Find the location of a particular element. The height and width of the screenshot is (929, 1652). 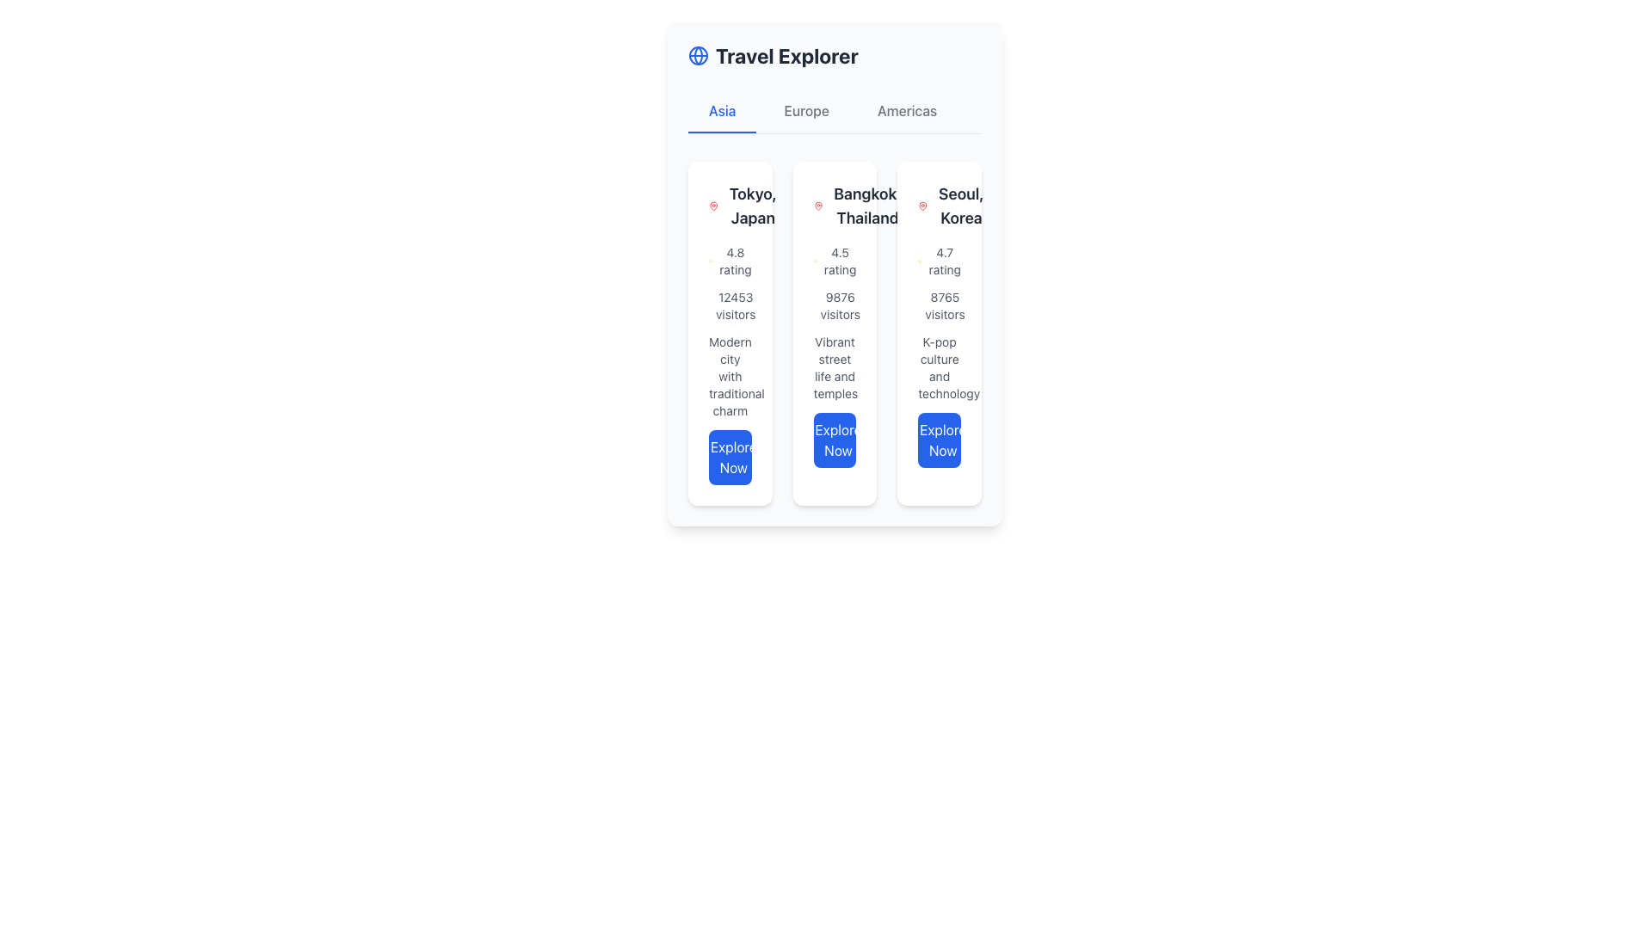

the 'Asia' tab in the Travel Explorer panel is located at coordinates (722, 112).